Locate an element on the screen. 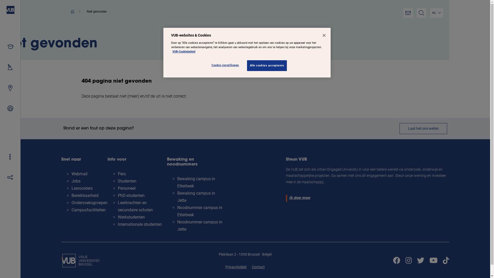  'Alle cookies accepteren' is located at coordinates (247, 65).